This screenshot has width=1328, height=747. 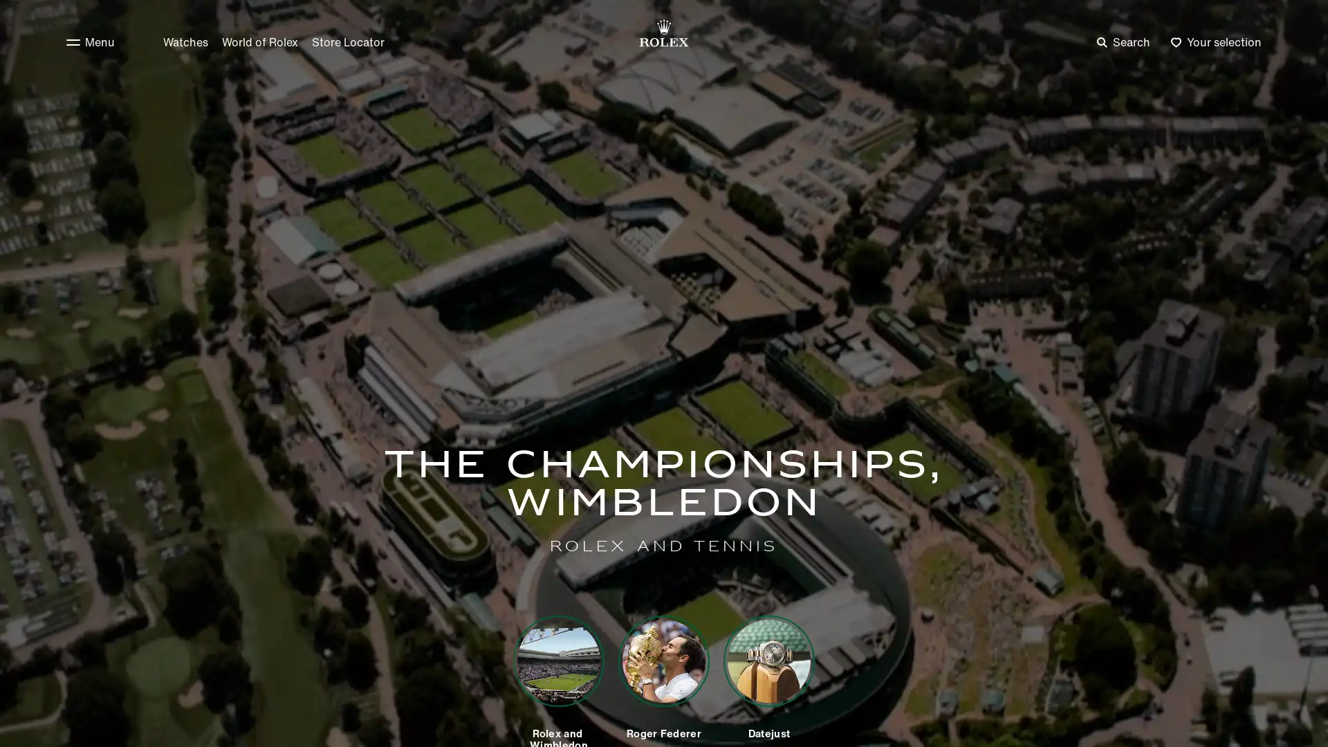 I want to click on Roger Federer, so click(x=664, y=676).